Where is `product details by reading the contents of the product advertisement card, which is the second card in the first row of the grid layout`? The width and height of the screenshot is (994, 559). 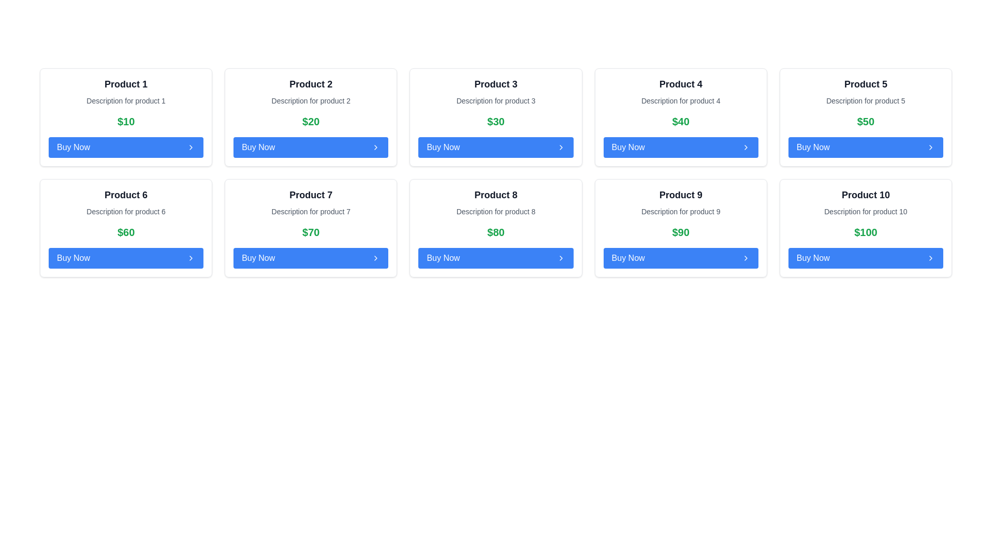 product details by reading the contents of the product advertisement card, which is the second card in the first row of the grid layout is located at coordinates (310, 117).